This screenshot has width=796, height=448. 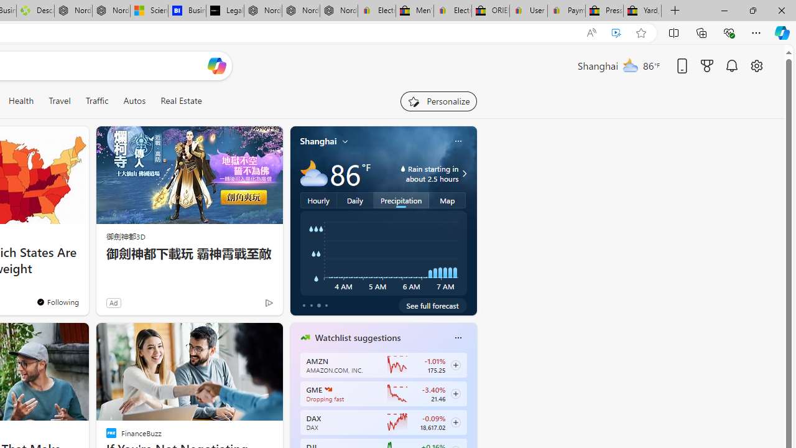 I want to click on 'Payments Terms of Use | eBay.com', so click(x=565, y=11).